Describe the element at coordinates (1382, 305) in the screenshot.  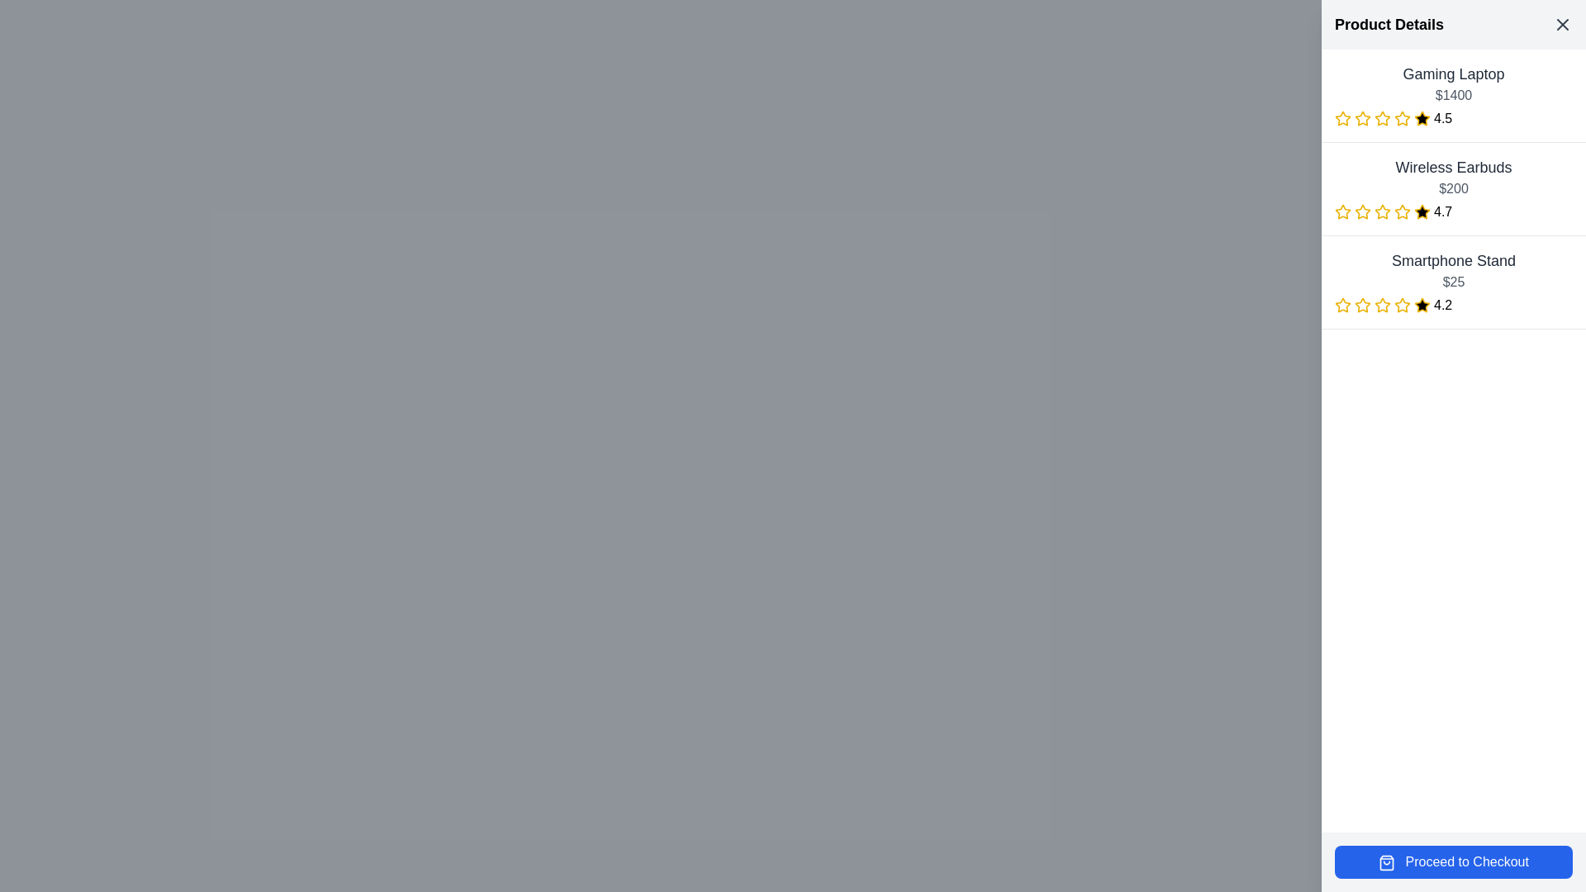
I see `the third-star rating icon for the 'Smartphone Stand' product to provide a rating` at that location.